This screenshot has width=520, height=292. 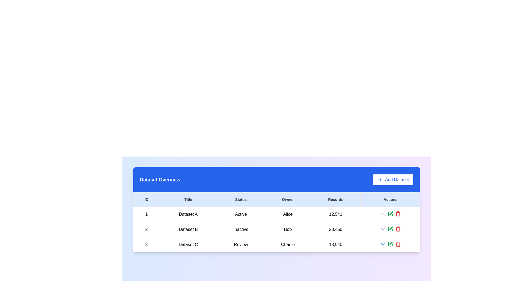 What do you see at coordinates (240, 245) in the screenshot?
I see `the 'Review' label displayed in a table layout under the 'Status' column, which is aligned with 'Dataset C' and 'Charlie'` at bounding box center [240, 245].